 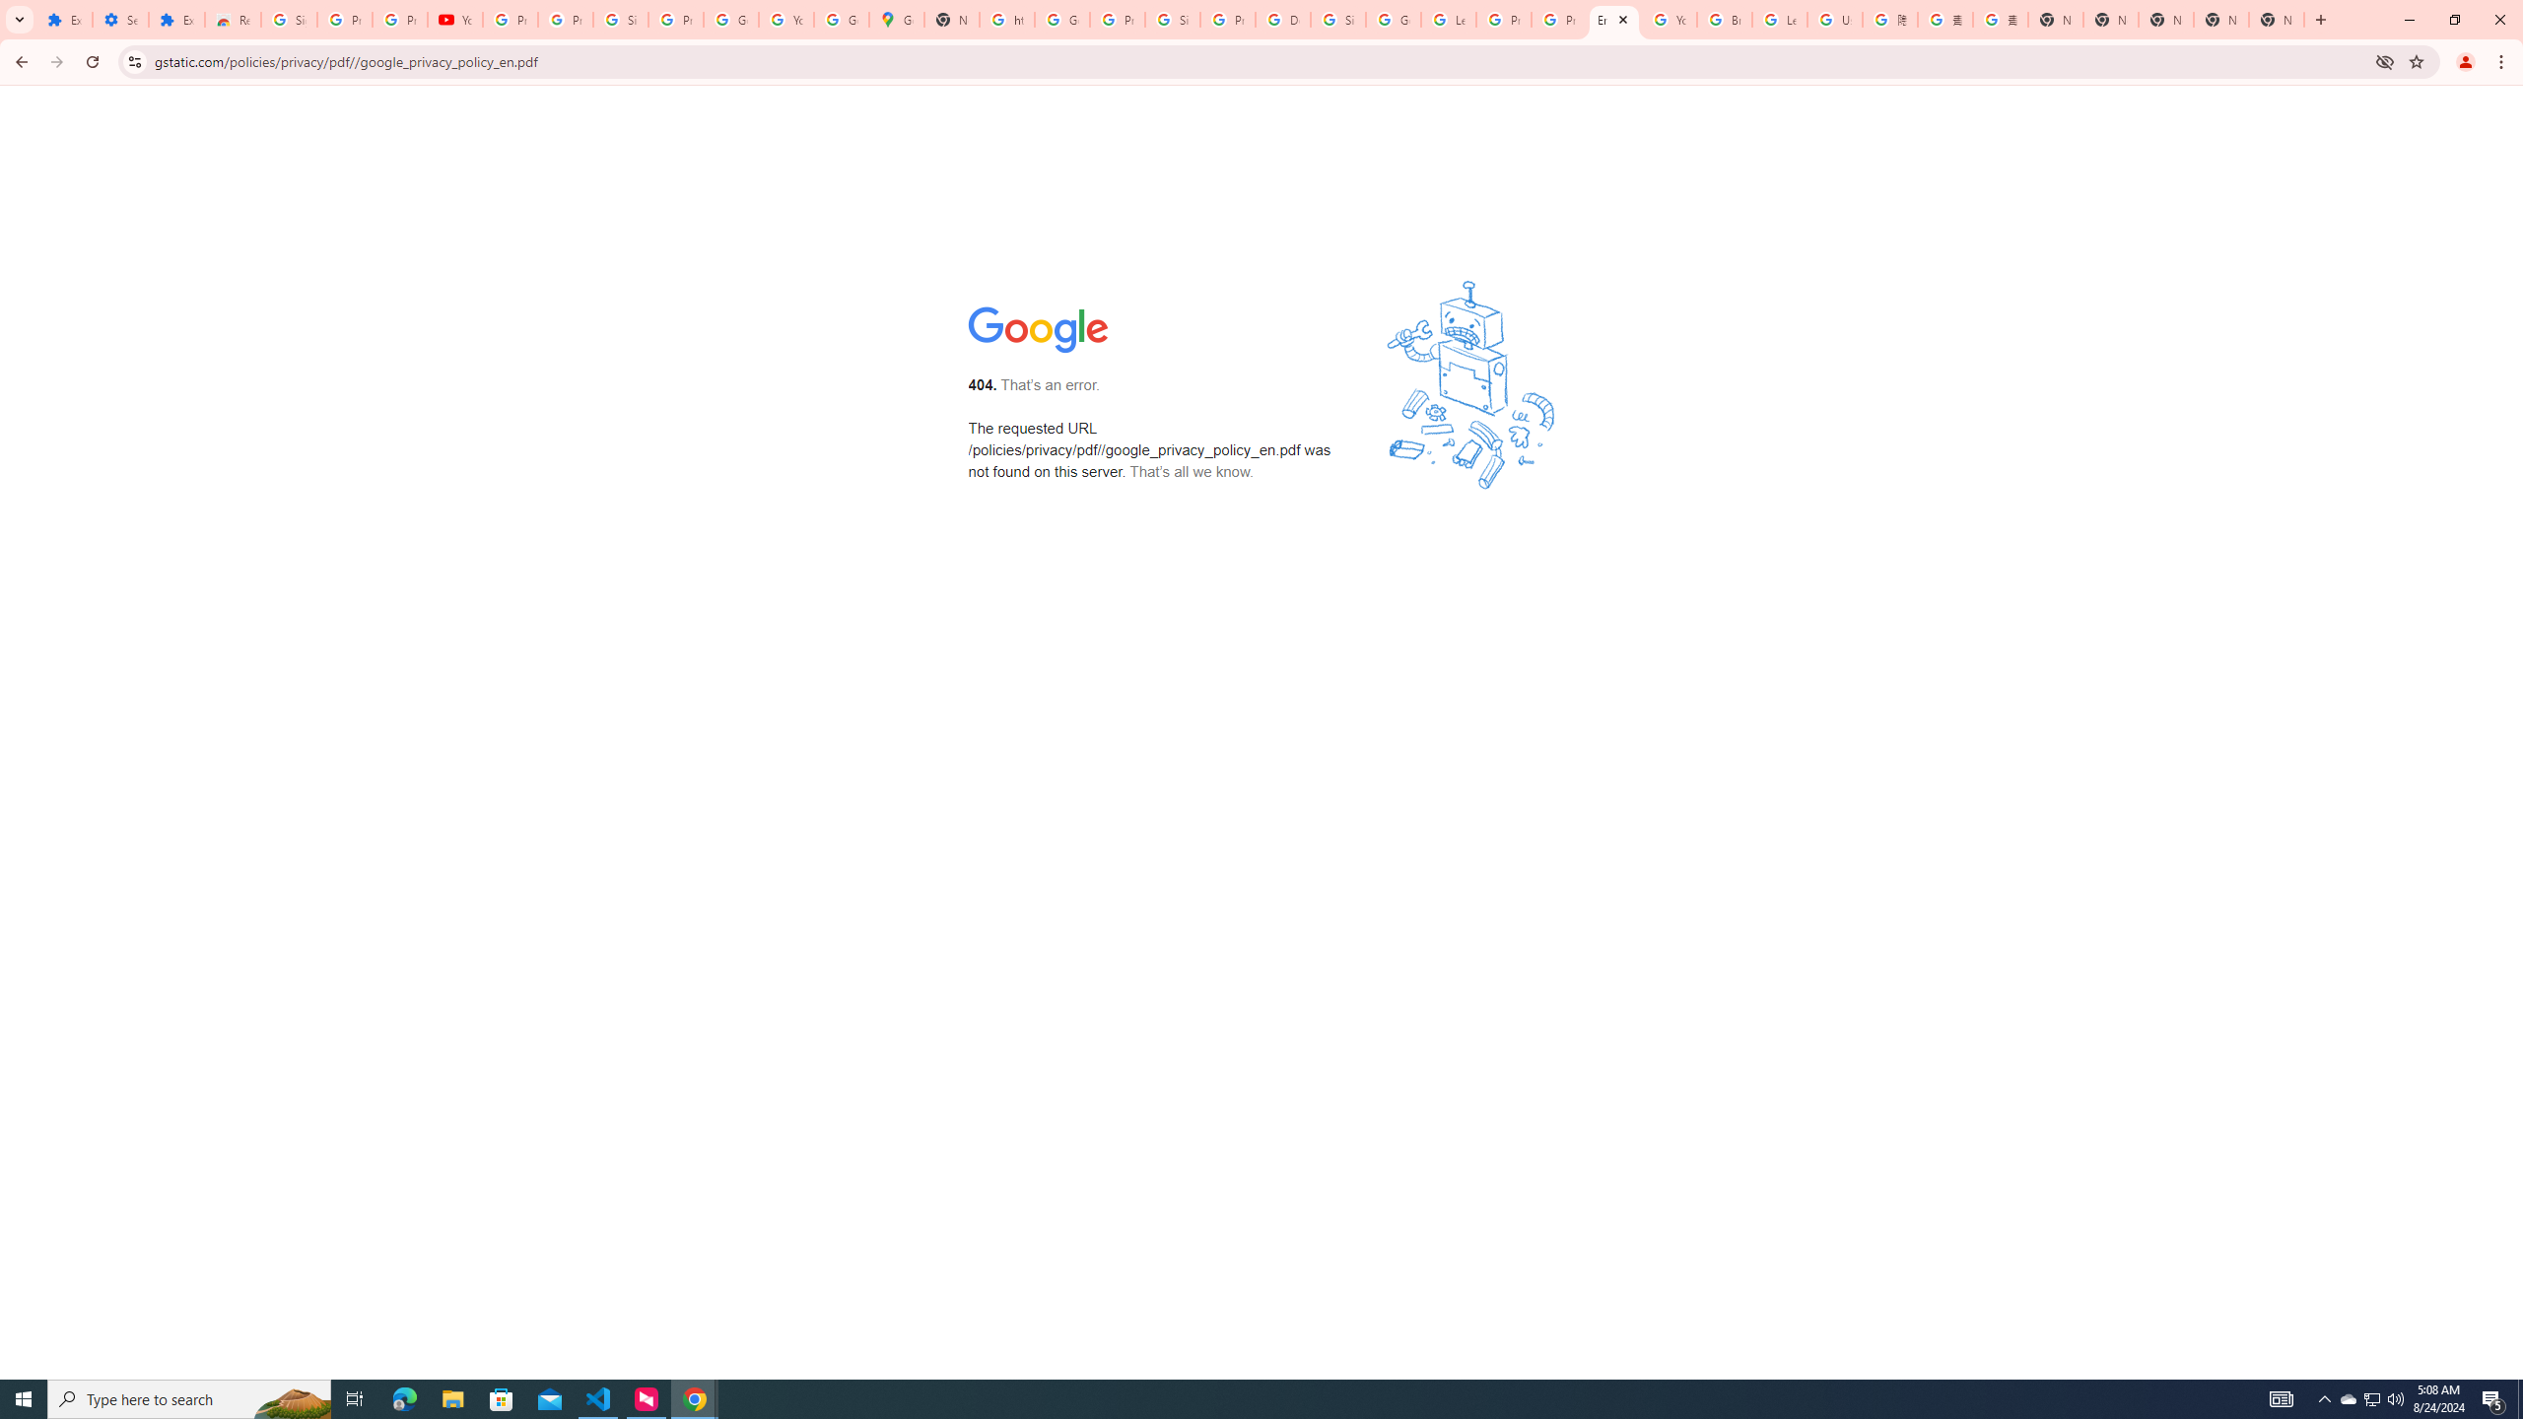 What do you see at coordinates (454, 19) in the screenshot?
I see `'YouTube'` at bounding box center [454, 19].